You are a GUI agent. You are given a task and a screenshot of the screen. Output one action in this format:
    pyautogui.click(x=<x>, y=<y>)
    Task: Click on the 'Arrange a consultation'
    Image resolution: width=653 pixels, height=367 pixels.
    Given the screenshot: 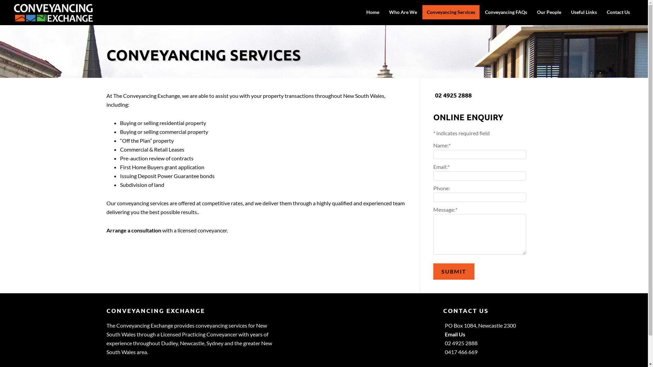 What is the action you would take?
    pyautogui.click(x=106, y=230)
    